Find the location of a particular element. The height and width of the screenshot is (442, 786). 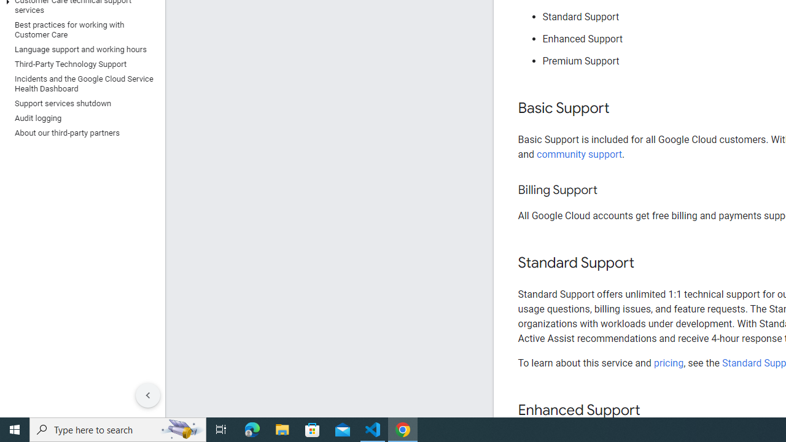

'Language support and working hours' is located at coordinates (79, 49).